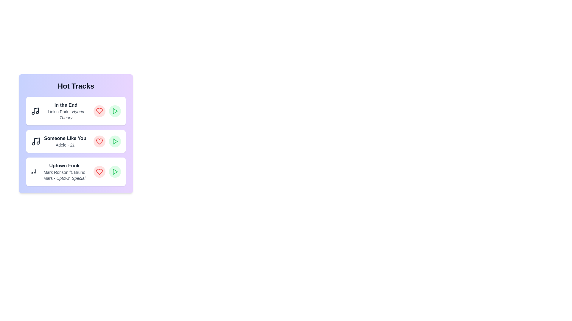  What do you see at coordinates (115, 172) in the screenshot?
I see `play button for the track titled 'Uptown Funk'` at bounding box center [115, 172].